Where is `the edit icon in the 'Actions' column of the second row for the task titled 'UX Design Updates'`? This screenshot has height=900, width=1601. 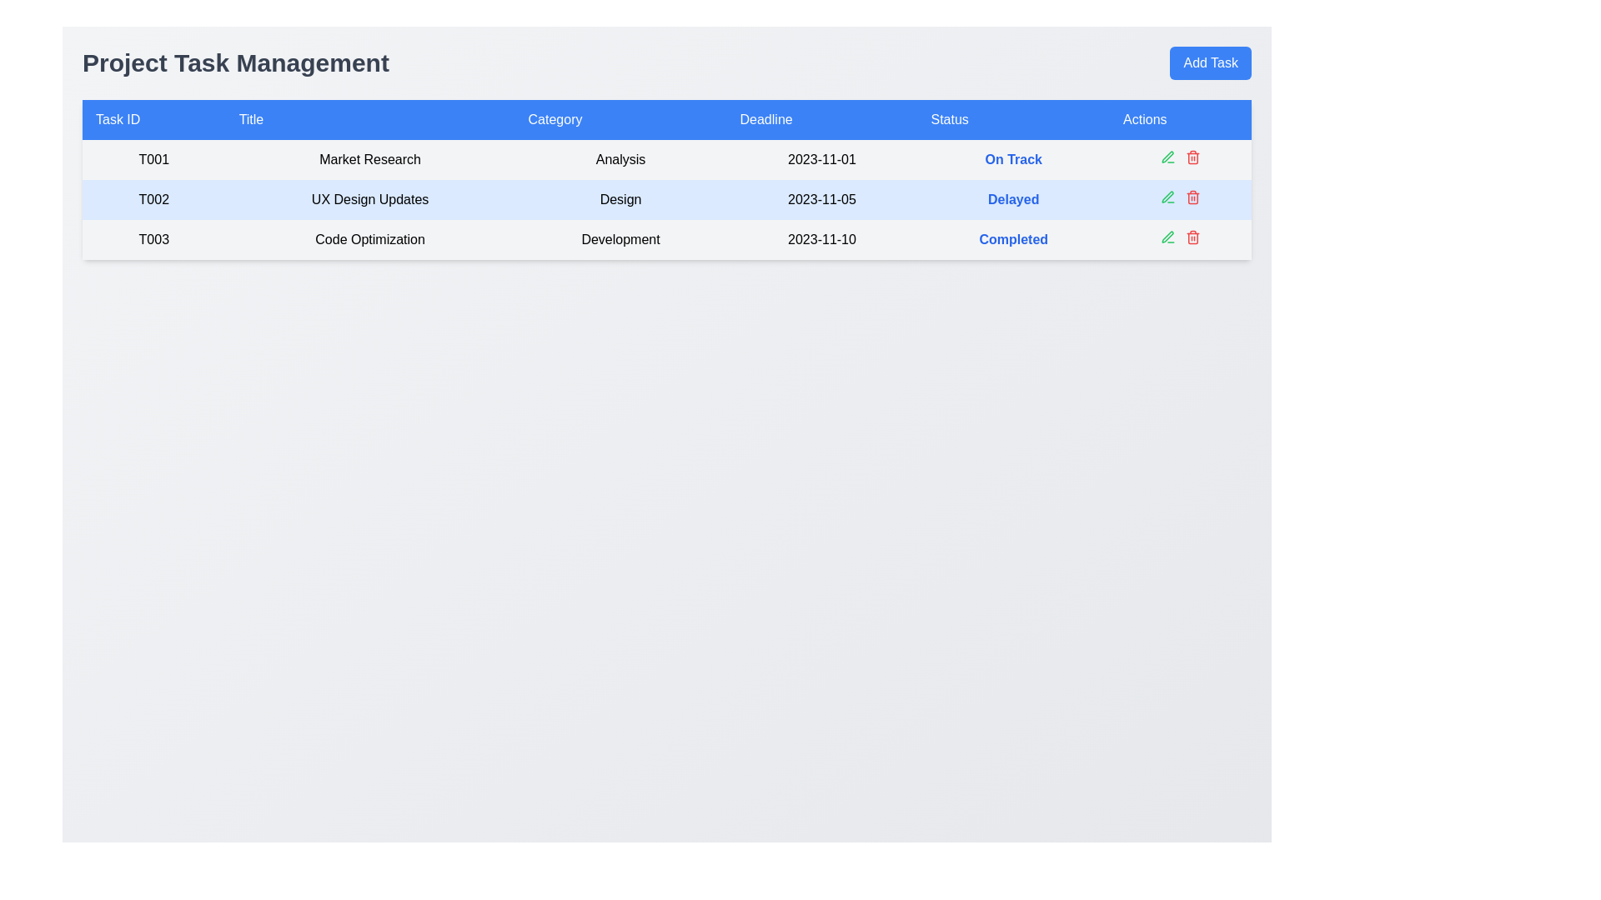 the edit icon in the 'Actions' column of the second row for the task titled 'UX Design Updates' is located at coordinates (1167, 157).